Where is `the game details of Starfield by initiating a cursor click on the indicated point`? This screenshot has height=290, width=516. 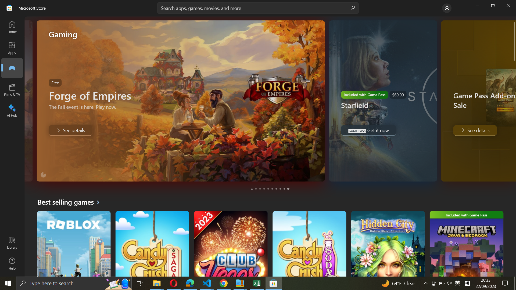
the game details of Starfield by initiating a cursor click on the indicated point is located at coordinates (256, 189).